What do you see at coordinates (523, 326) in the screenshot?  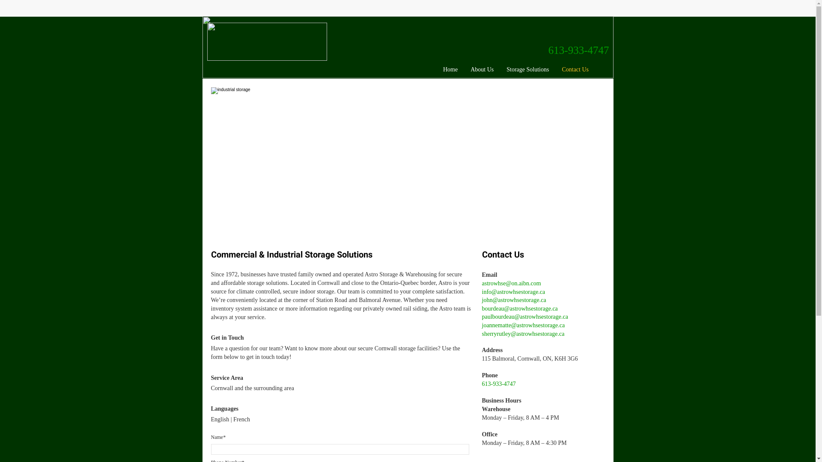 I see `'joannematte@astrowhsestorage.ca'` at bounding box center [523, 326].